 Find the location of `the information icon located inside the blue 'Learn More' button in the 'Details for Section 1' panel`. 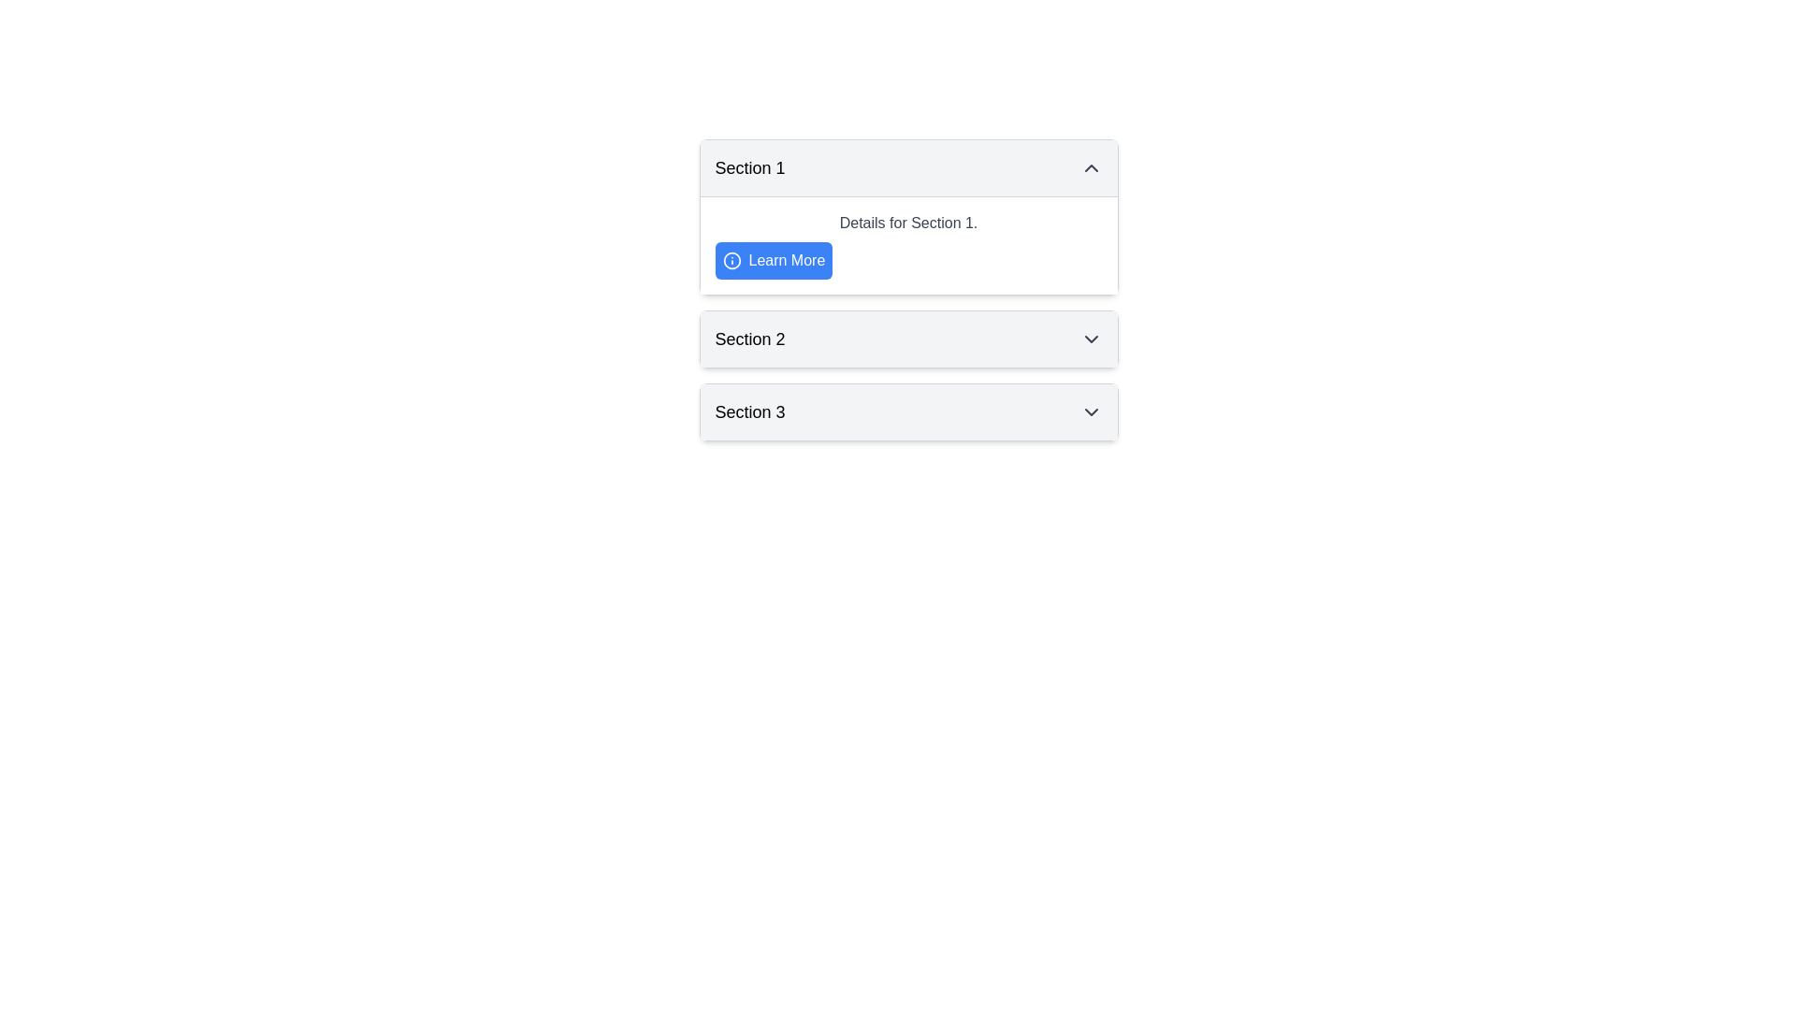

the information icon located inside the blue 'Learn More' button in the 'Details for Section 1' panel is located at coordinates (731, 260).